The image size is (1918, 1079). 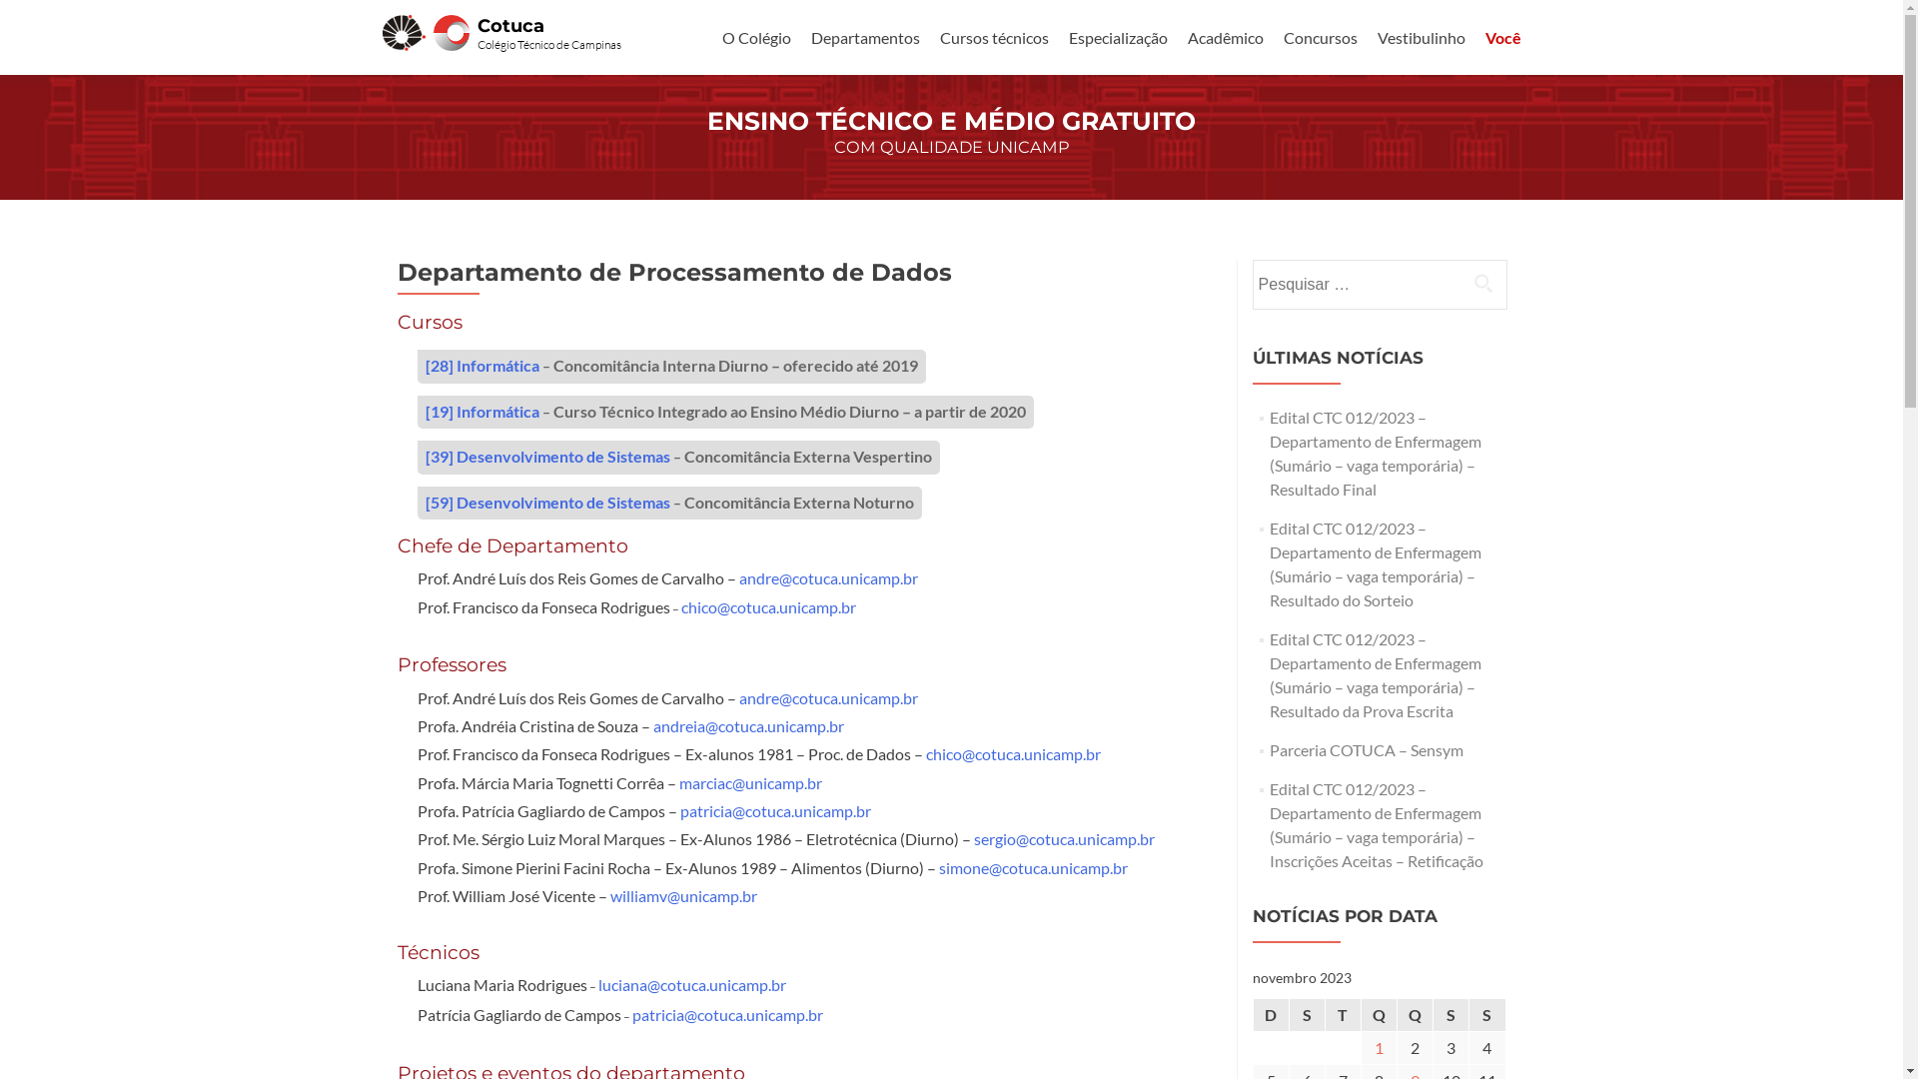 I want to click on 'Concursos', so click(x=1319, y=37).